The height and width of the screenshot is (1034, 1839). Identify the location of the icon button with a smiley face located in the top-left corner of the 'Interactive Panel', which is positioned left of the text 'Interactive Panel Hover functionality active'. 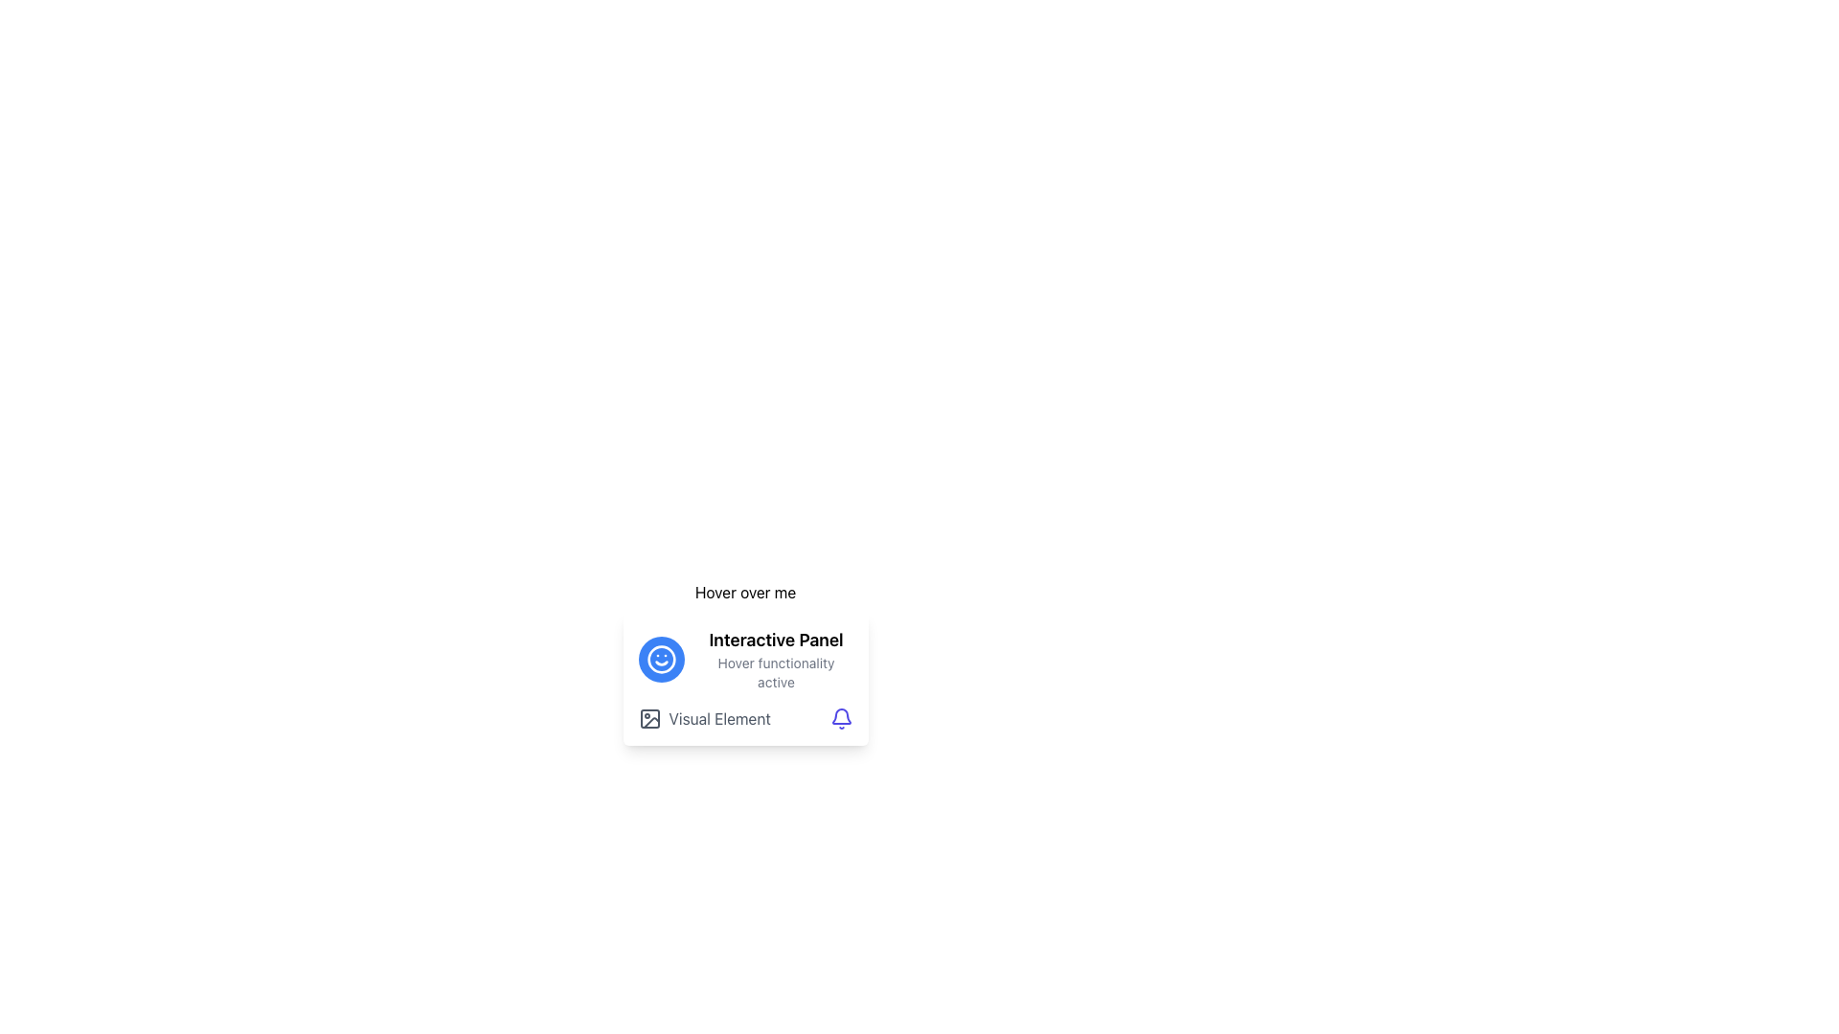
(661, 659).